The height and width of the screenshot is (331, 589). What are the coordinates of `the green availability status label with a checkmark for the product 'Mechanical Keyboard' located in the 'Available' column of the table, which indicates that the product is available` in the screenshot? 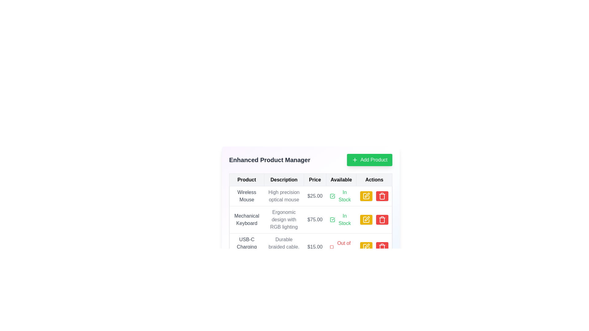 It's located at (341, 219).